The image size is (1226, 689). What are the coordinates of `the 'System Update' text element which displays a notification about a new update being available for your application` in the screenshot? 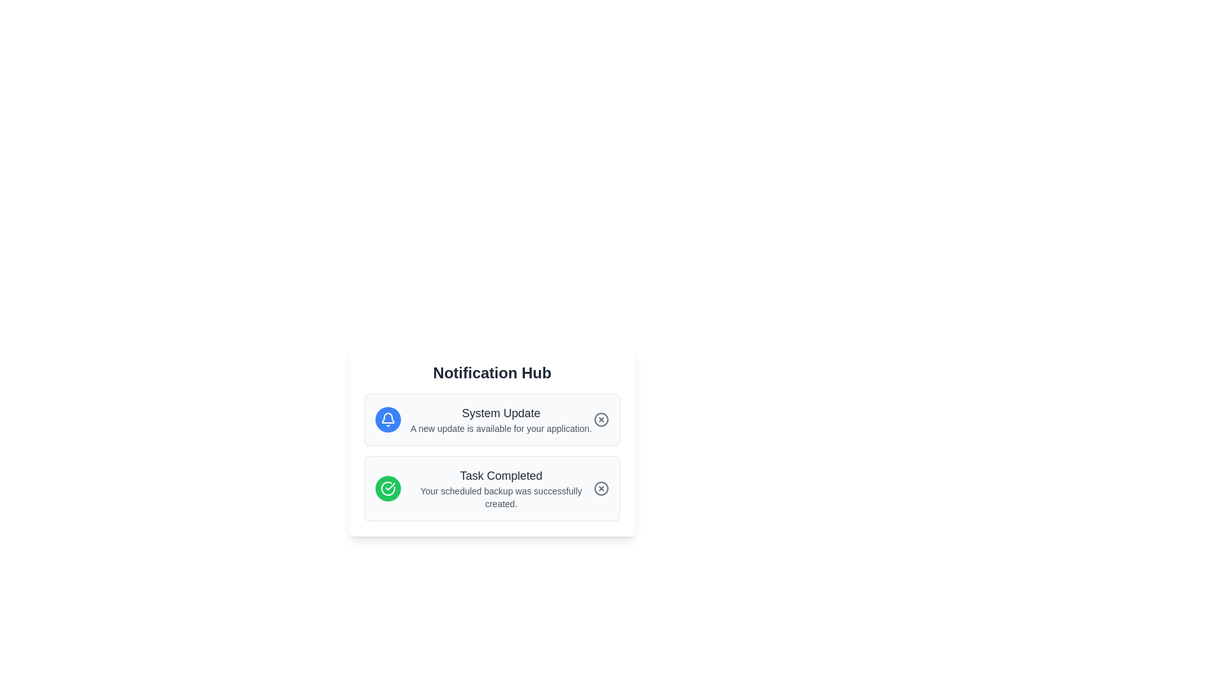 It's located at (501, 420).